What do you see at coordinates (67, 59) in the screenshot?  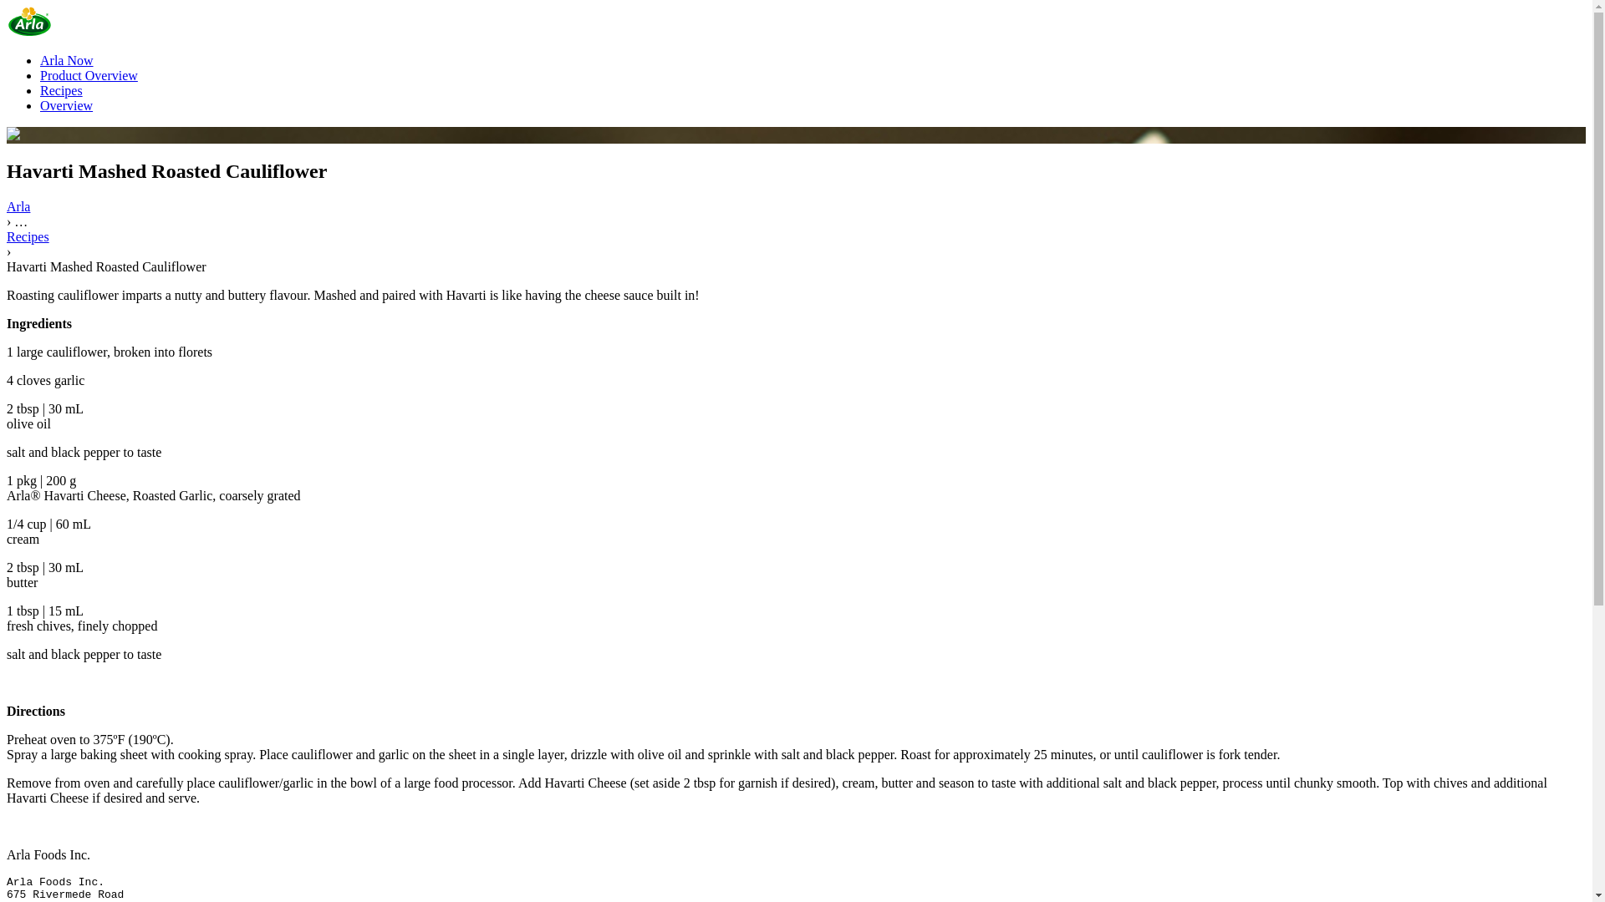 I see `'Arla Now'` at bounding box center [67, 59].